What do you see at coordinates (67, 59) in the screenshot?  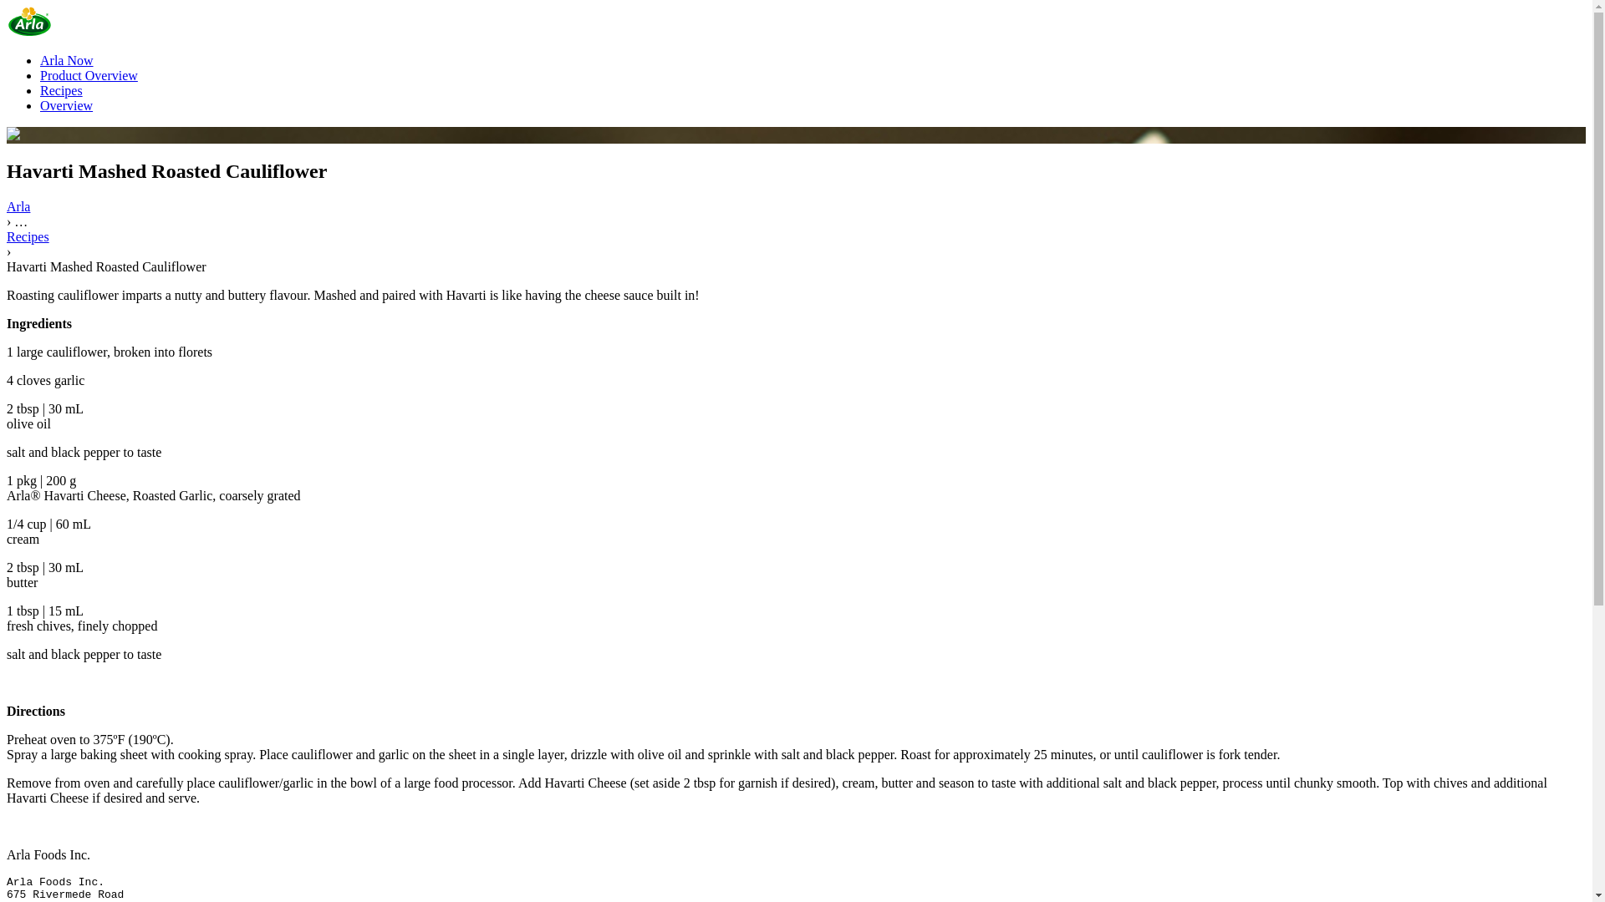 I see `'Arla Now'` at bounding box center [67, 59].